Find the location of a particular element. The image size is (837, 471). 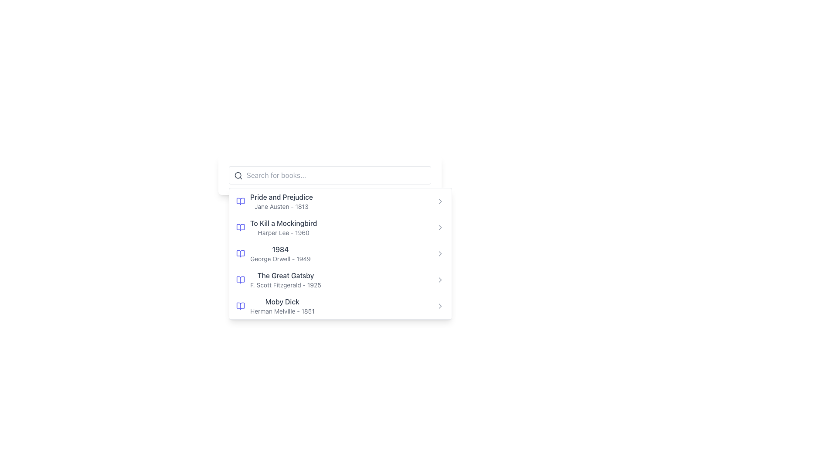

the bolded label displaying the title '1984', which is styled in dark gray and is the main label of the entry featuring '1984 by George Orwell' is located at coordinates (280, 249).